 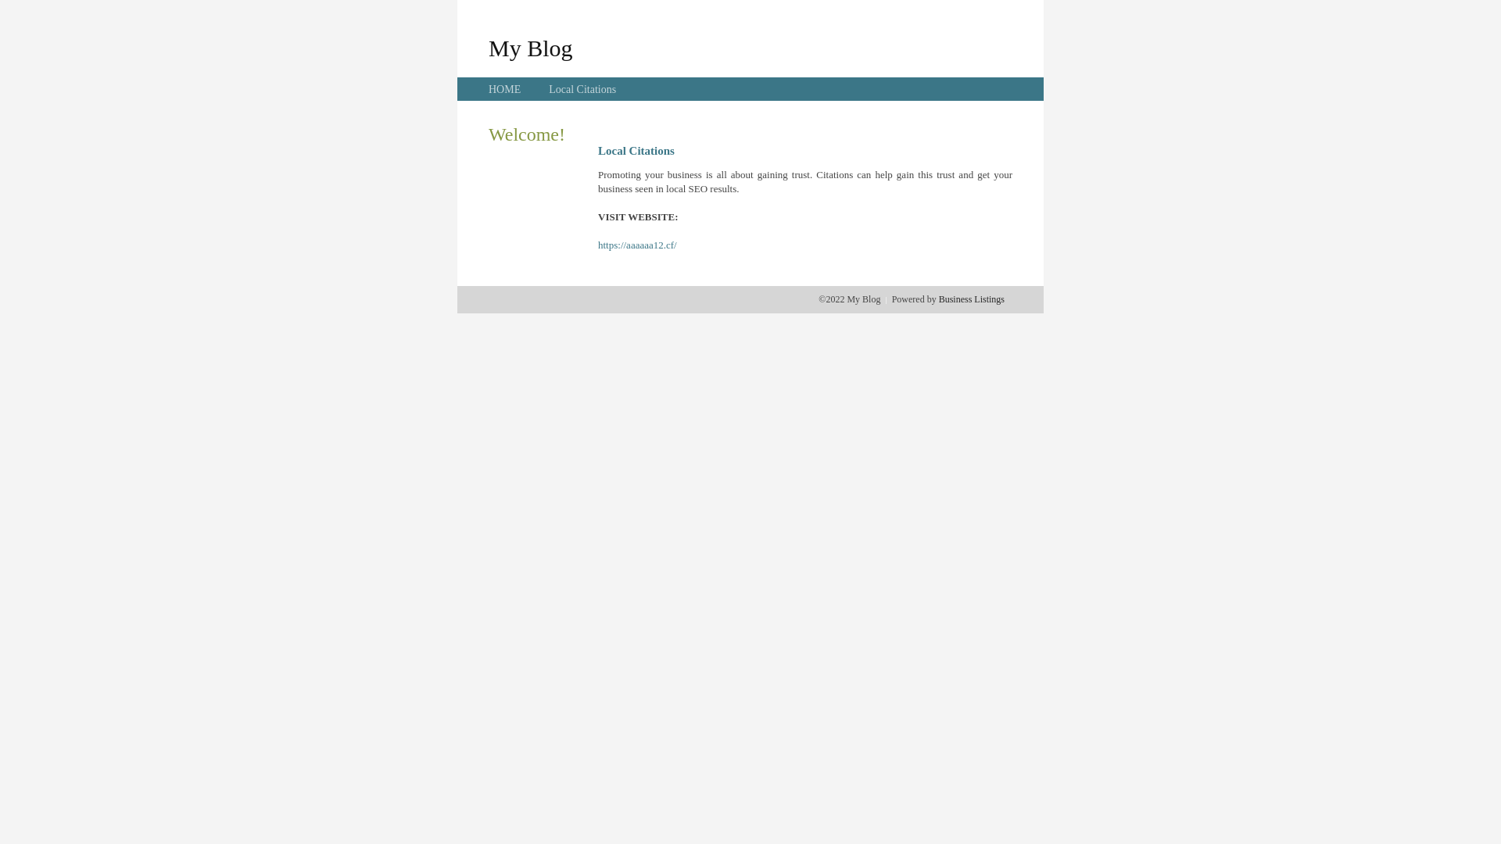 I want to click on 'Local Citations', so click(x=581, y=89).